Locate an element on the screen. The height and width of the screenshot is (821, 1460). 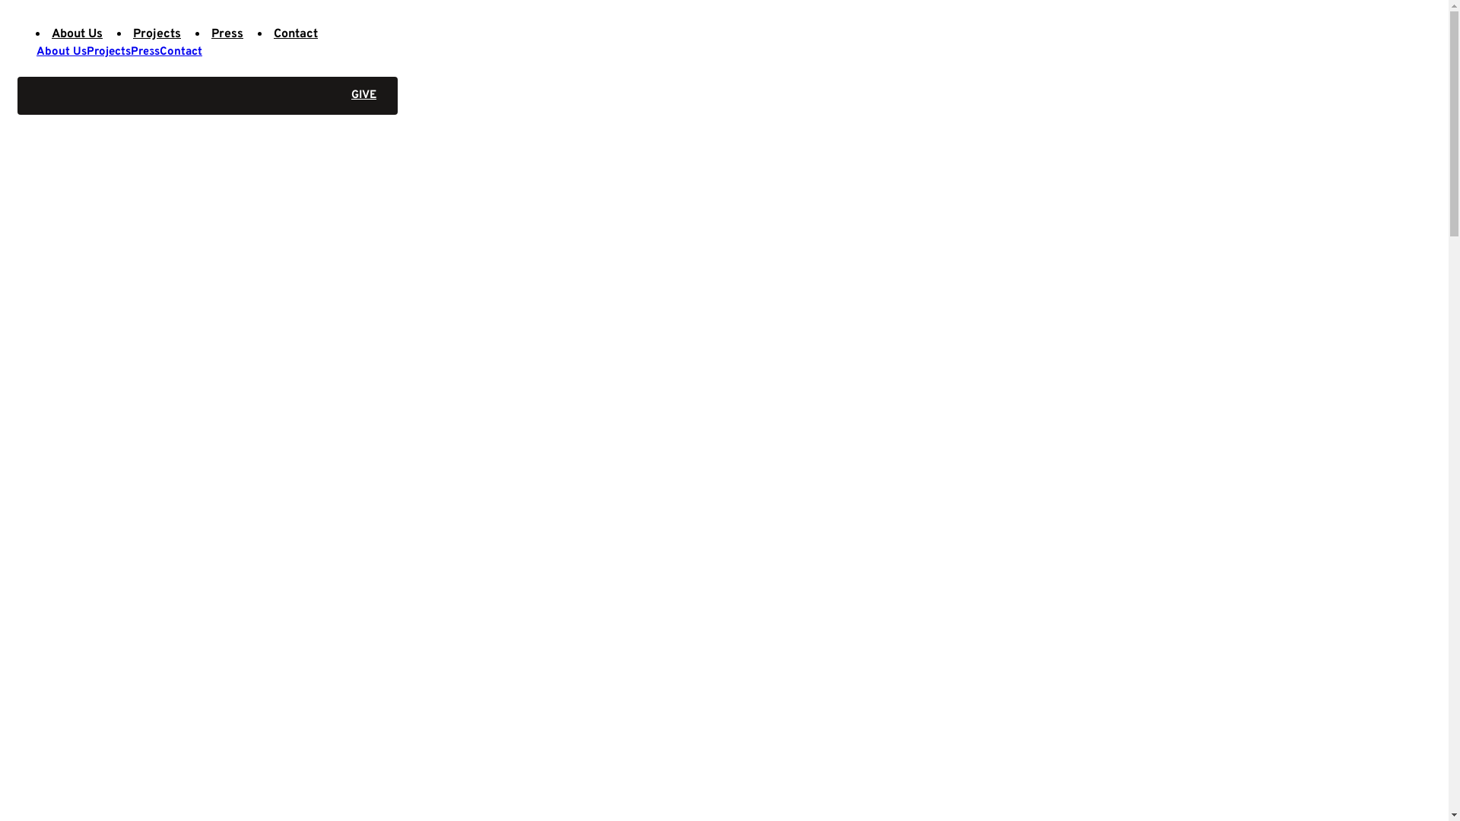
'GIVE' is located at coordinates (207, 96).